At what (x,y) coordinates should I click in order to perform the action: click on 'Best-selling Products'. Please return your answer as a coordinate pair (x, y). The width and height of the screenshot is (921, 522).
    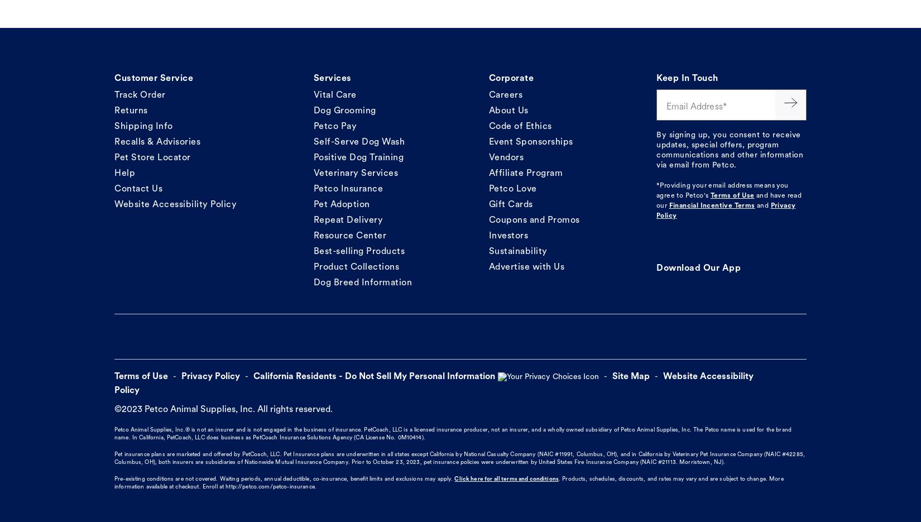
    Looking at the image, I should click on (358, 251).